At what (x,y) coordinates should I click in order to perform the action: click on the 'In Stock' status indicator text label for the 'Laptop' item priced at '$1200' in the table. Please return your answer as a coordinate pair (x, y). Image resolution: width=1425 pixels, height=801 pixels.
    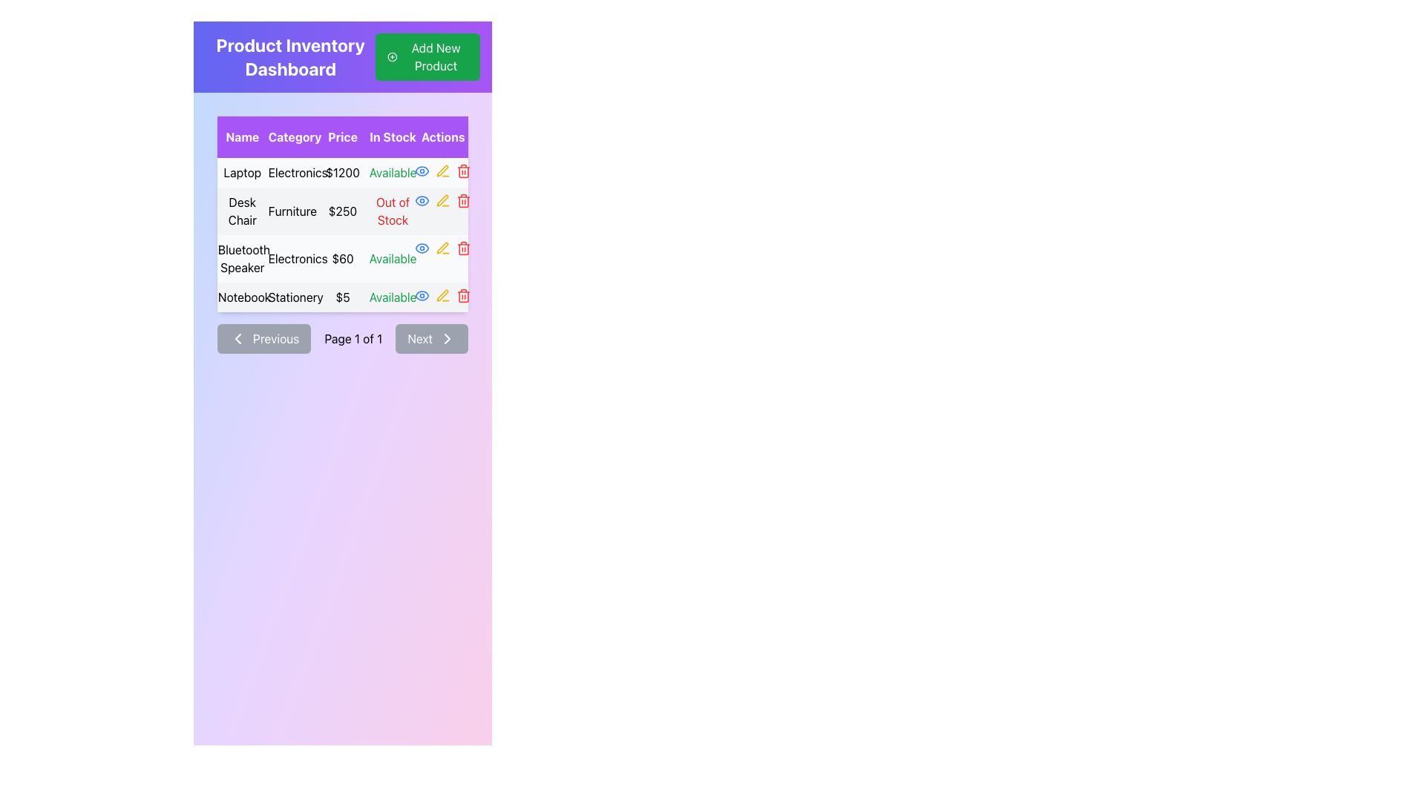
    Looking at the image, I should click on (393, 171).